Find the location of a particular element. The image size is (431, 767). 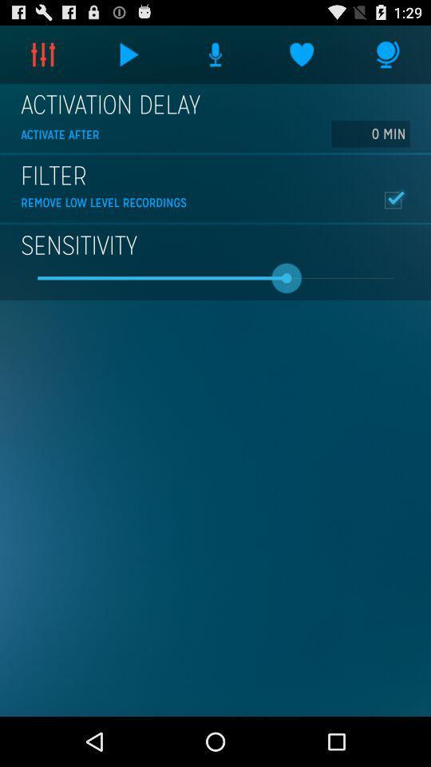

item above sensitivity icon is located at coordinates (392, 199).